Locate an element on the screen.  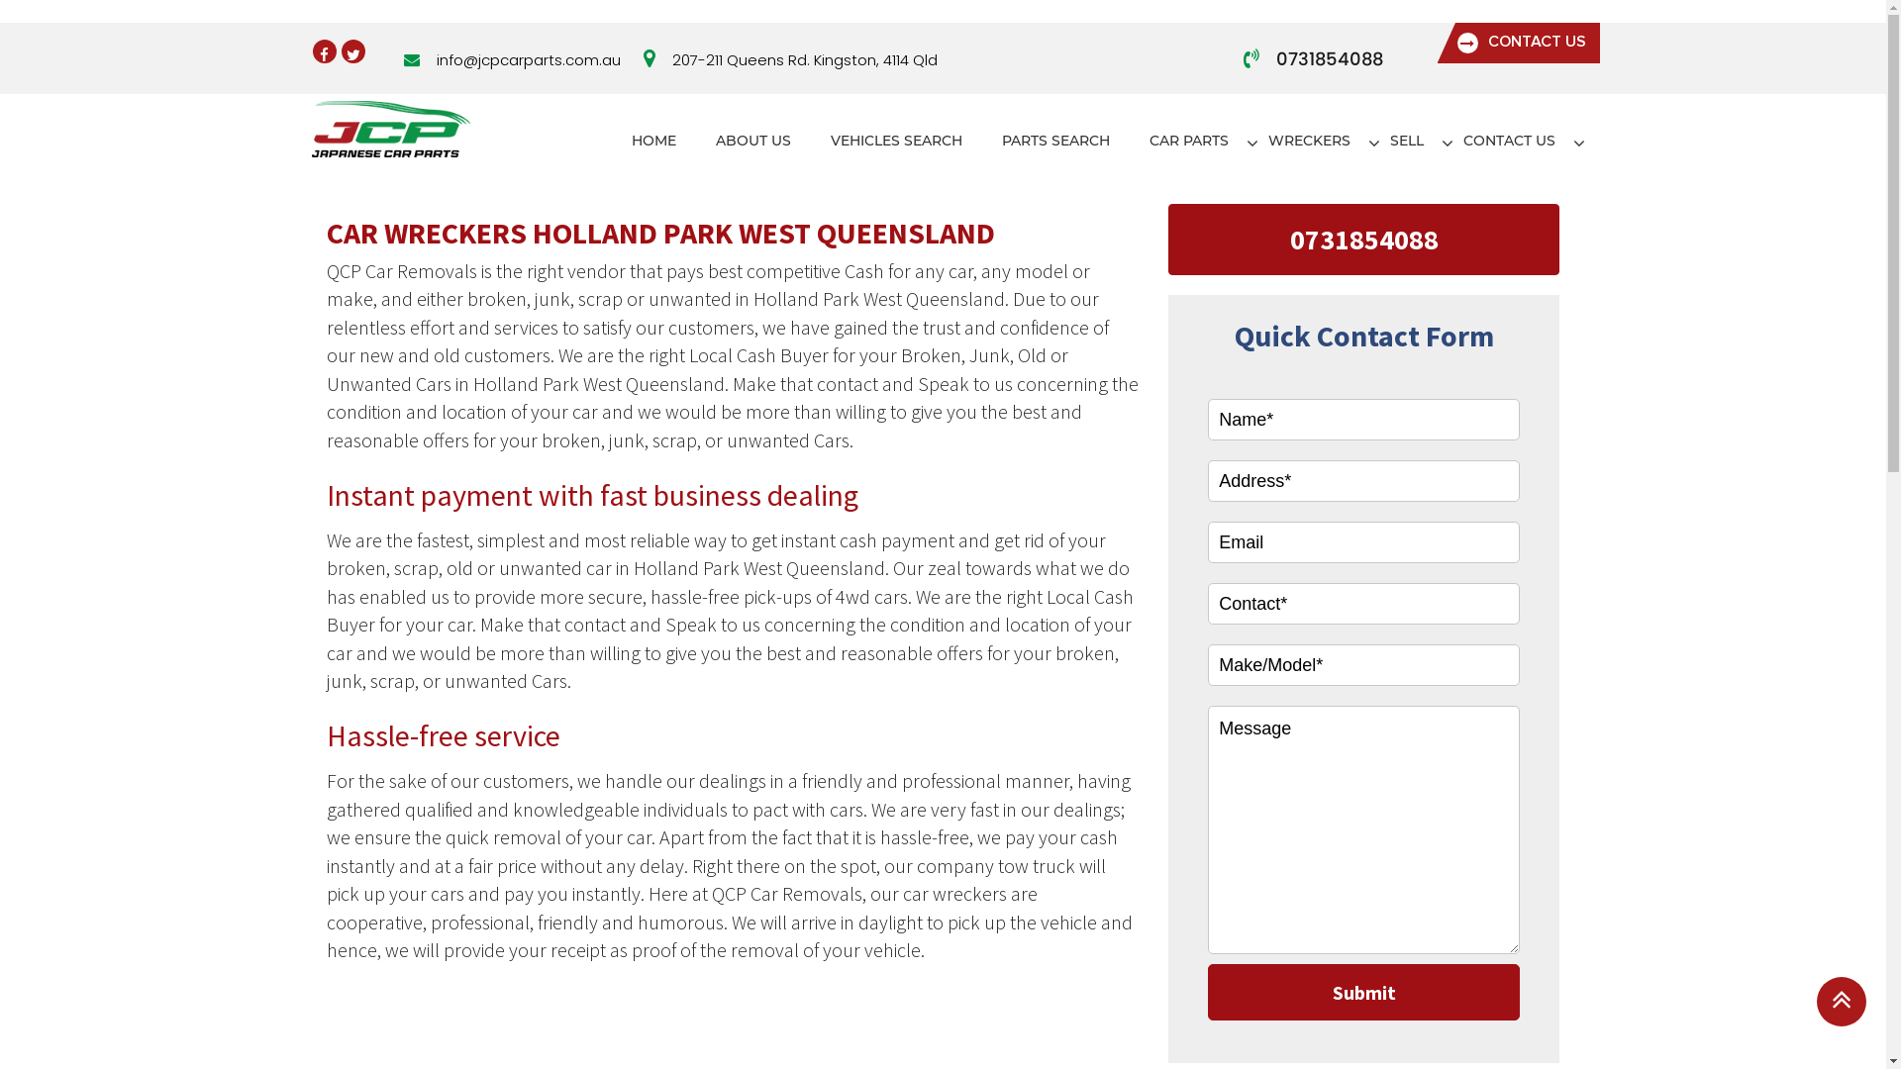
'PARTS SEARCH' is located at coordinates (989, 140).